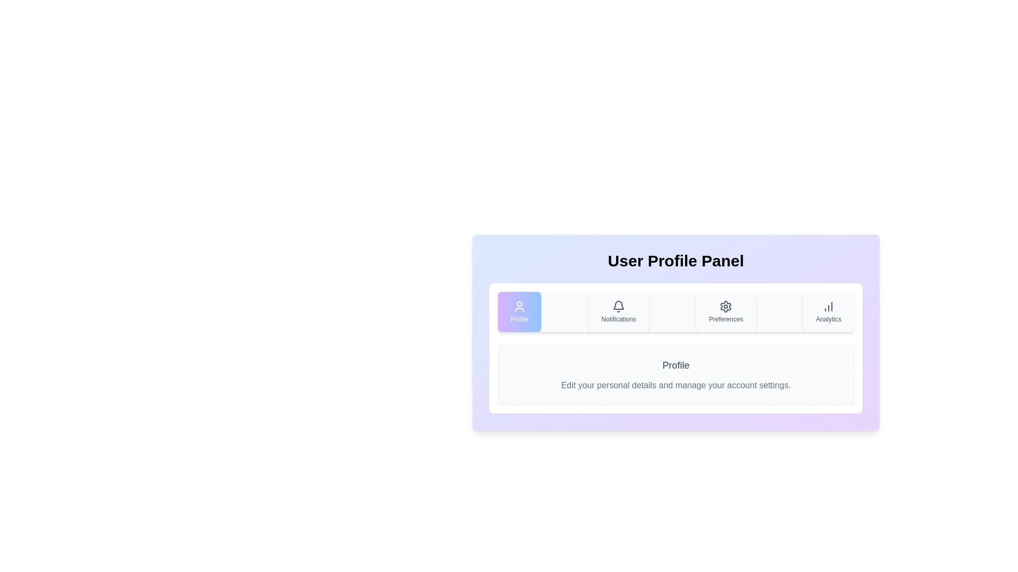 This screenshot has height=572, width=1018. What do you see at coordinates (519, 311) in the screenshot?
I see `the Profile tab by clicking its navigation button` at bounding box center [519, 311].